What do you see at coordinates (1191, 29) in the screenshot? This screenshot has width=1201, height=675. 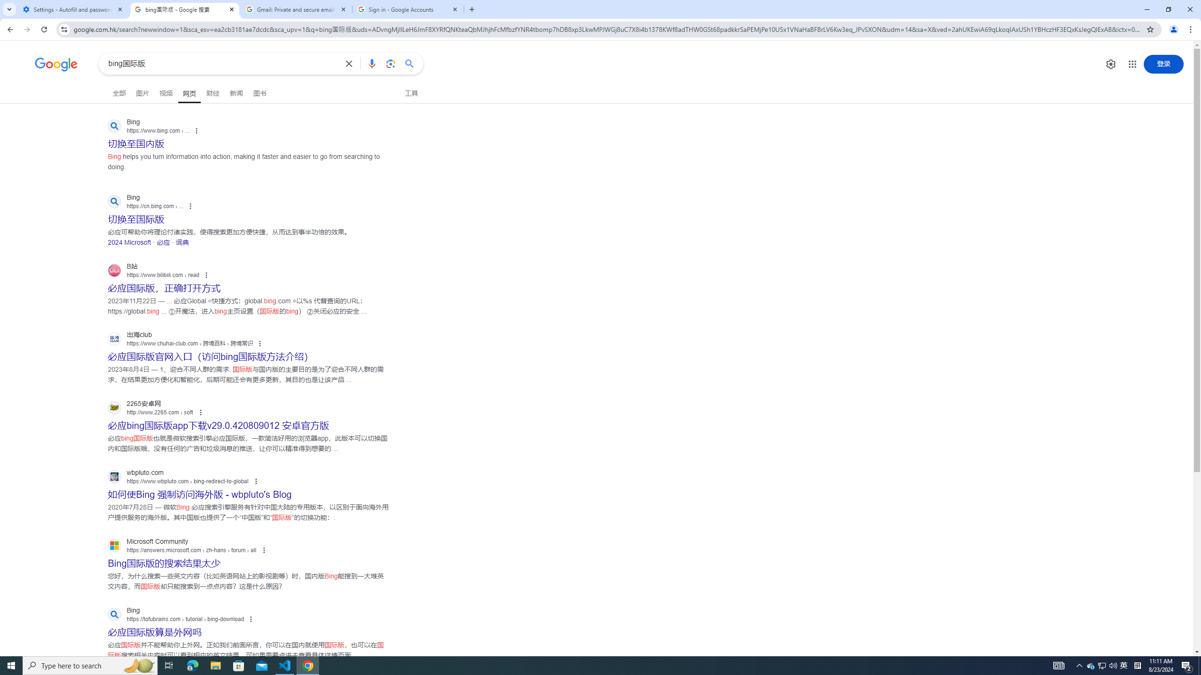 I see `'Chrome'` at bounding box center [1191, 29].